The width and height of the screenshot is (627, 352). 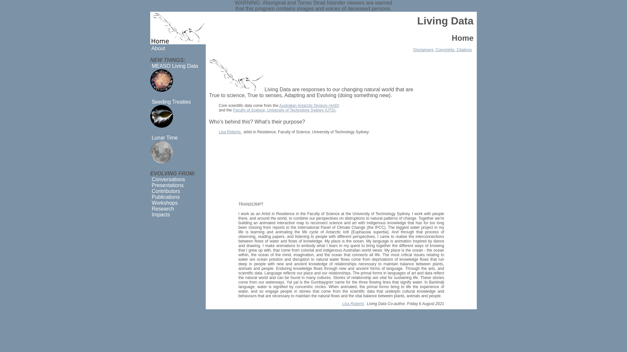 I want to click on 'Australian Antarctic Division (AAD)', so click(x=310, y=105).